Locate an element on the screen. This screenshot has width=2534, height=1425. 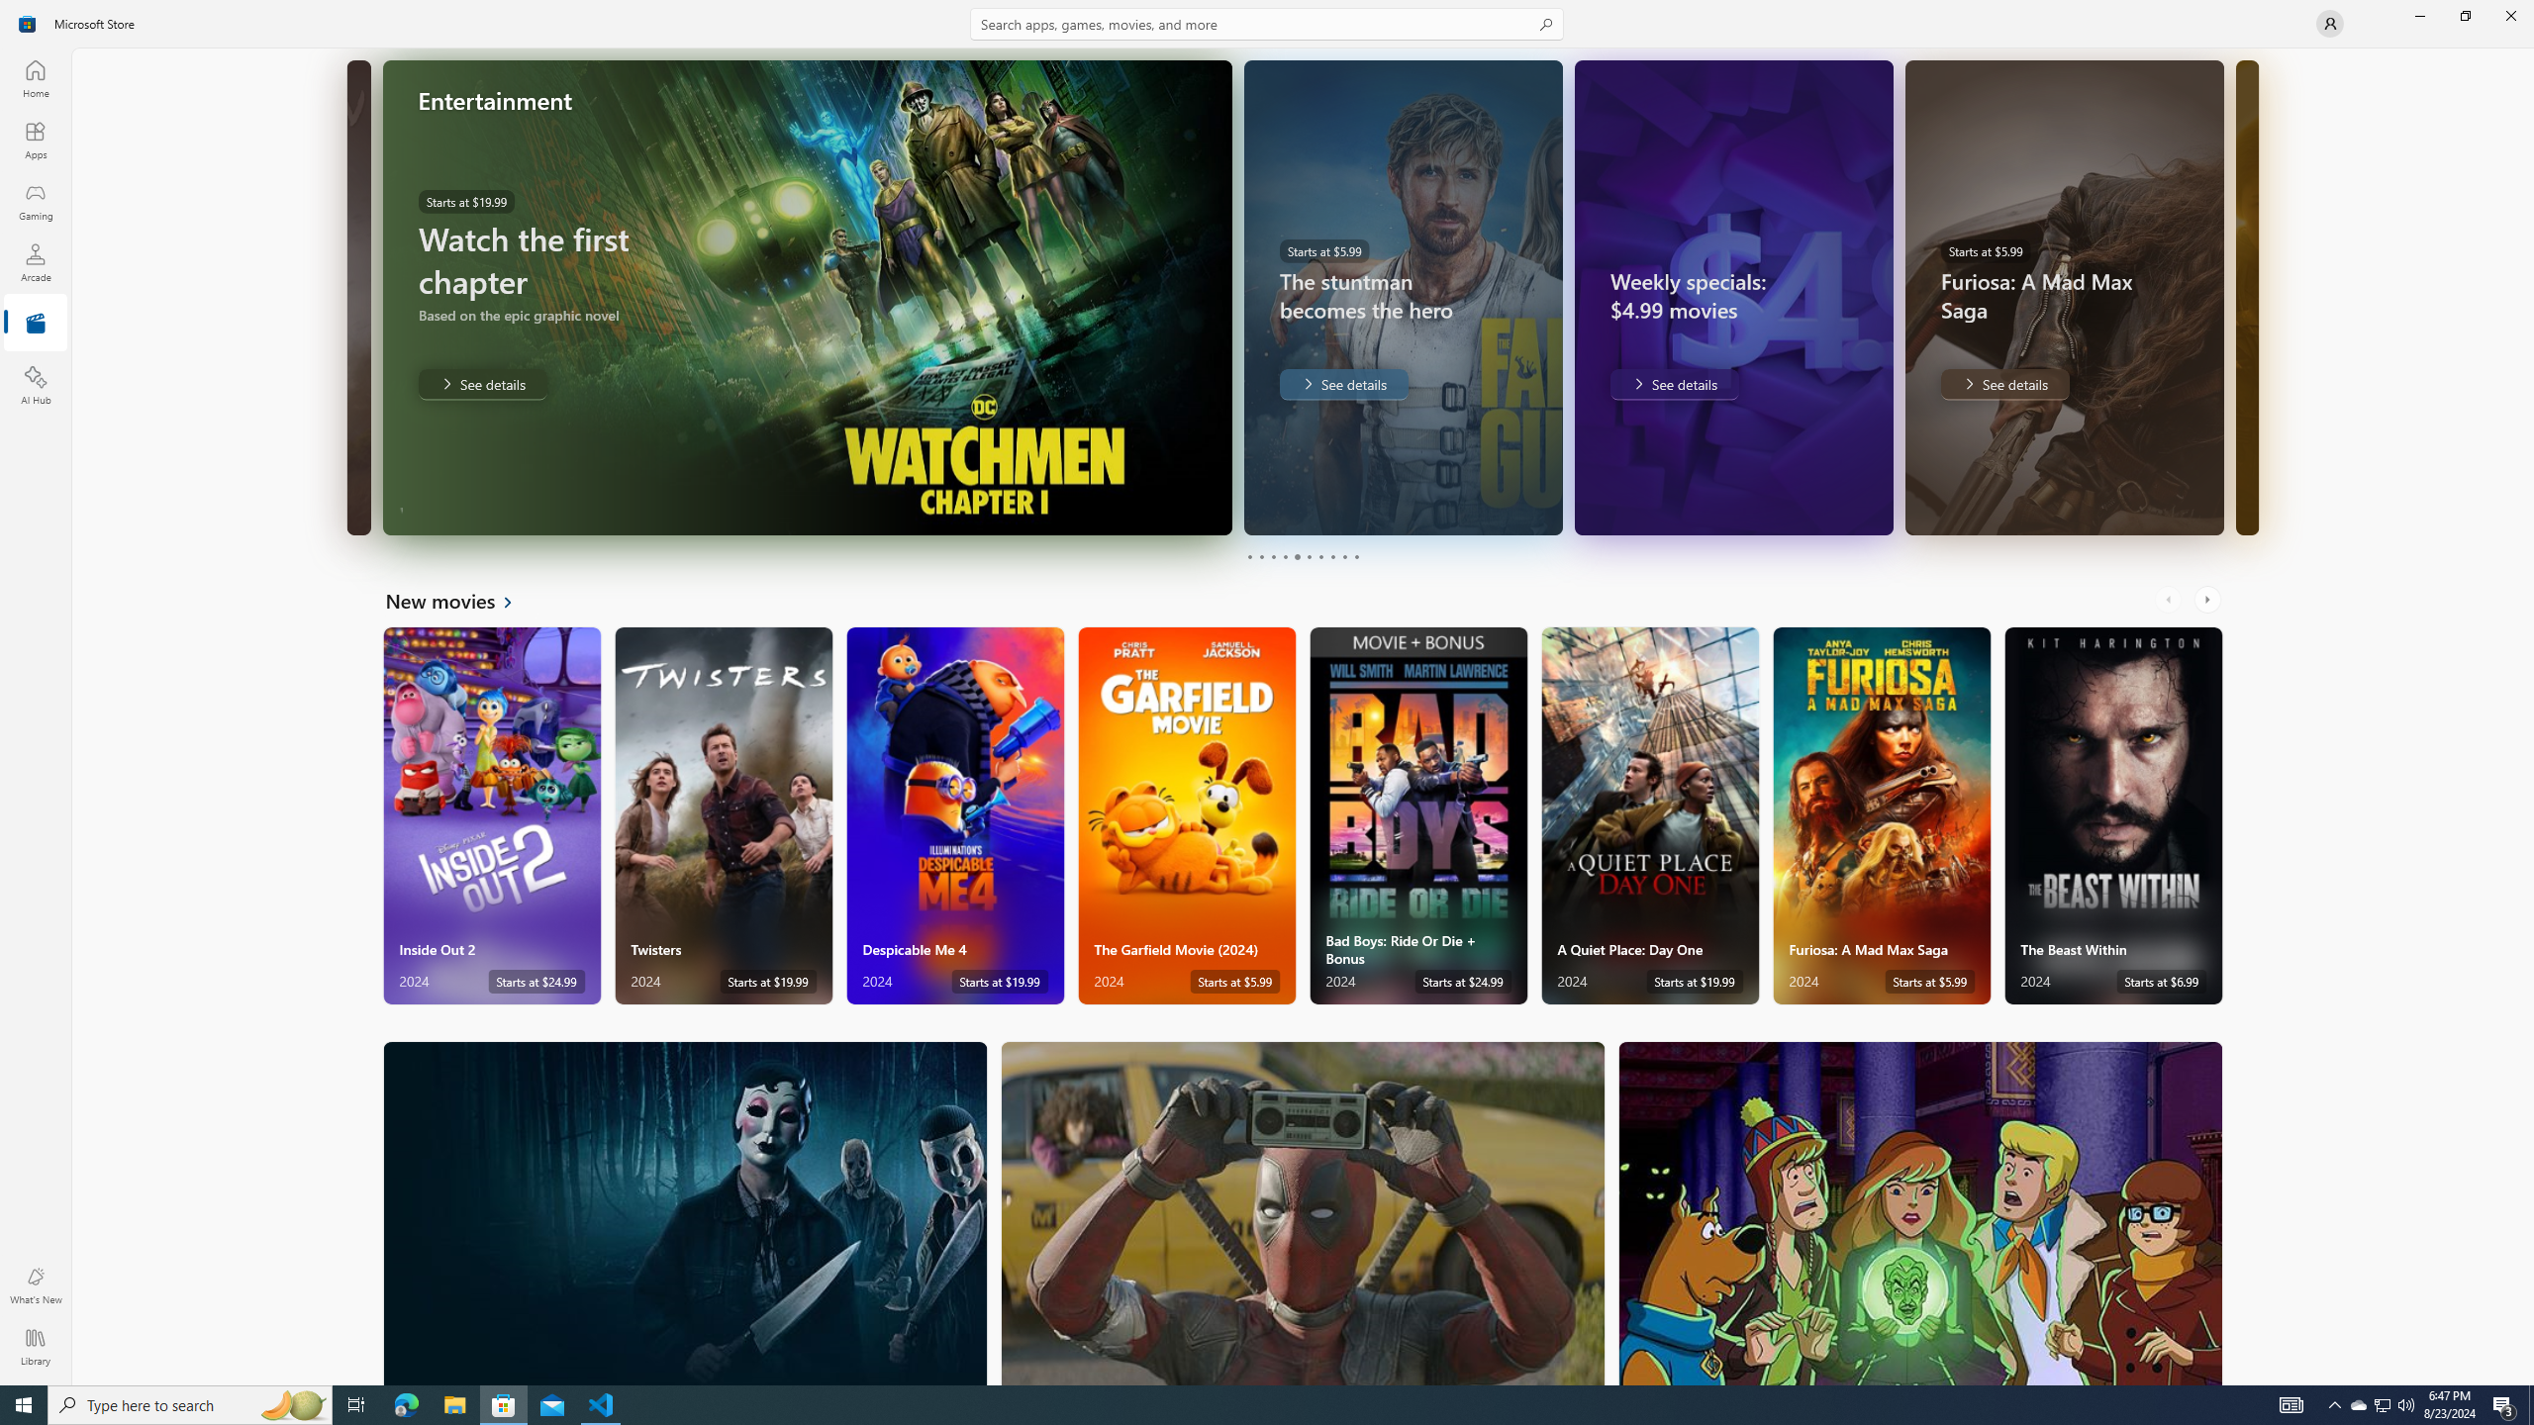
'Page 5' is located at coordinates (1295, 556).